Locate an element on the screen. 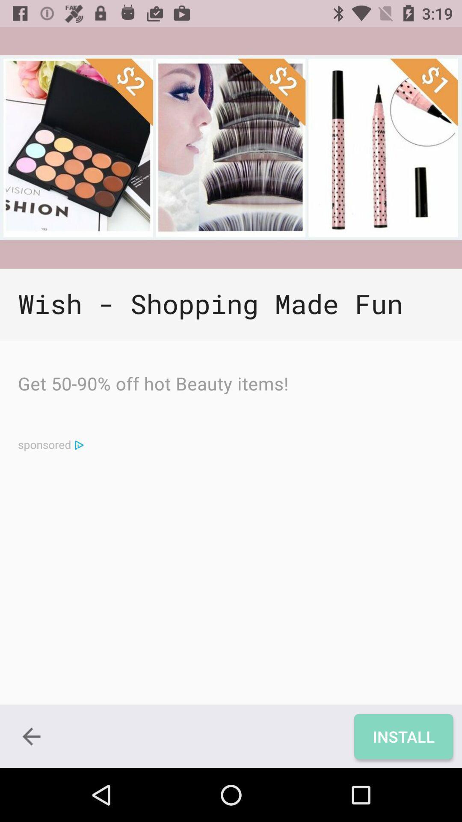 This screenshot has width=462, height=822. install item is located at coordinates (403, 736).